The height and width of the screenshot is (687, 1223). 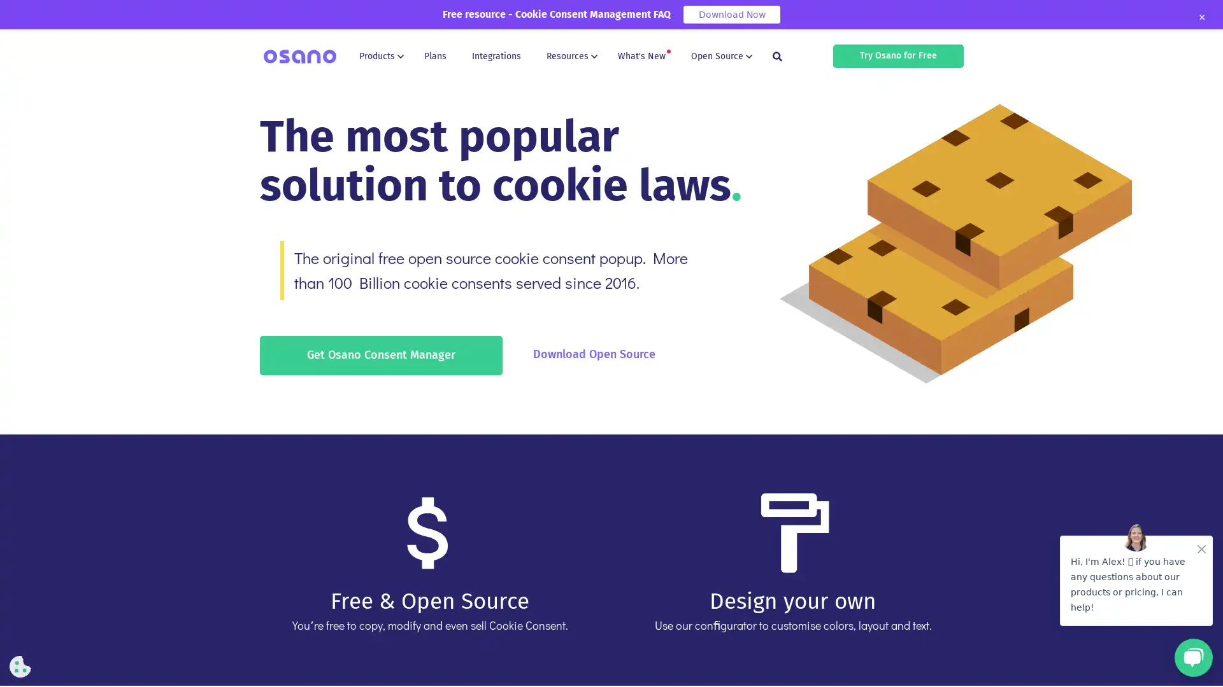 What do you see at coordinates (20, 666) in the screenshot?
I see `Cookie Preferences` at bounding box center [20, 666].